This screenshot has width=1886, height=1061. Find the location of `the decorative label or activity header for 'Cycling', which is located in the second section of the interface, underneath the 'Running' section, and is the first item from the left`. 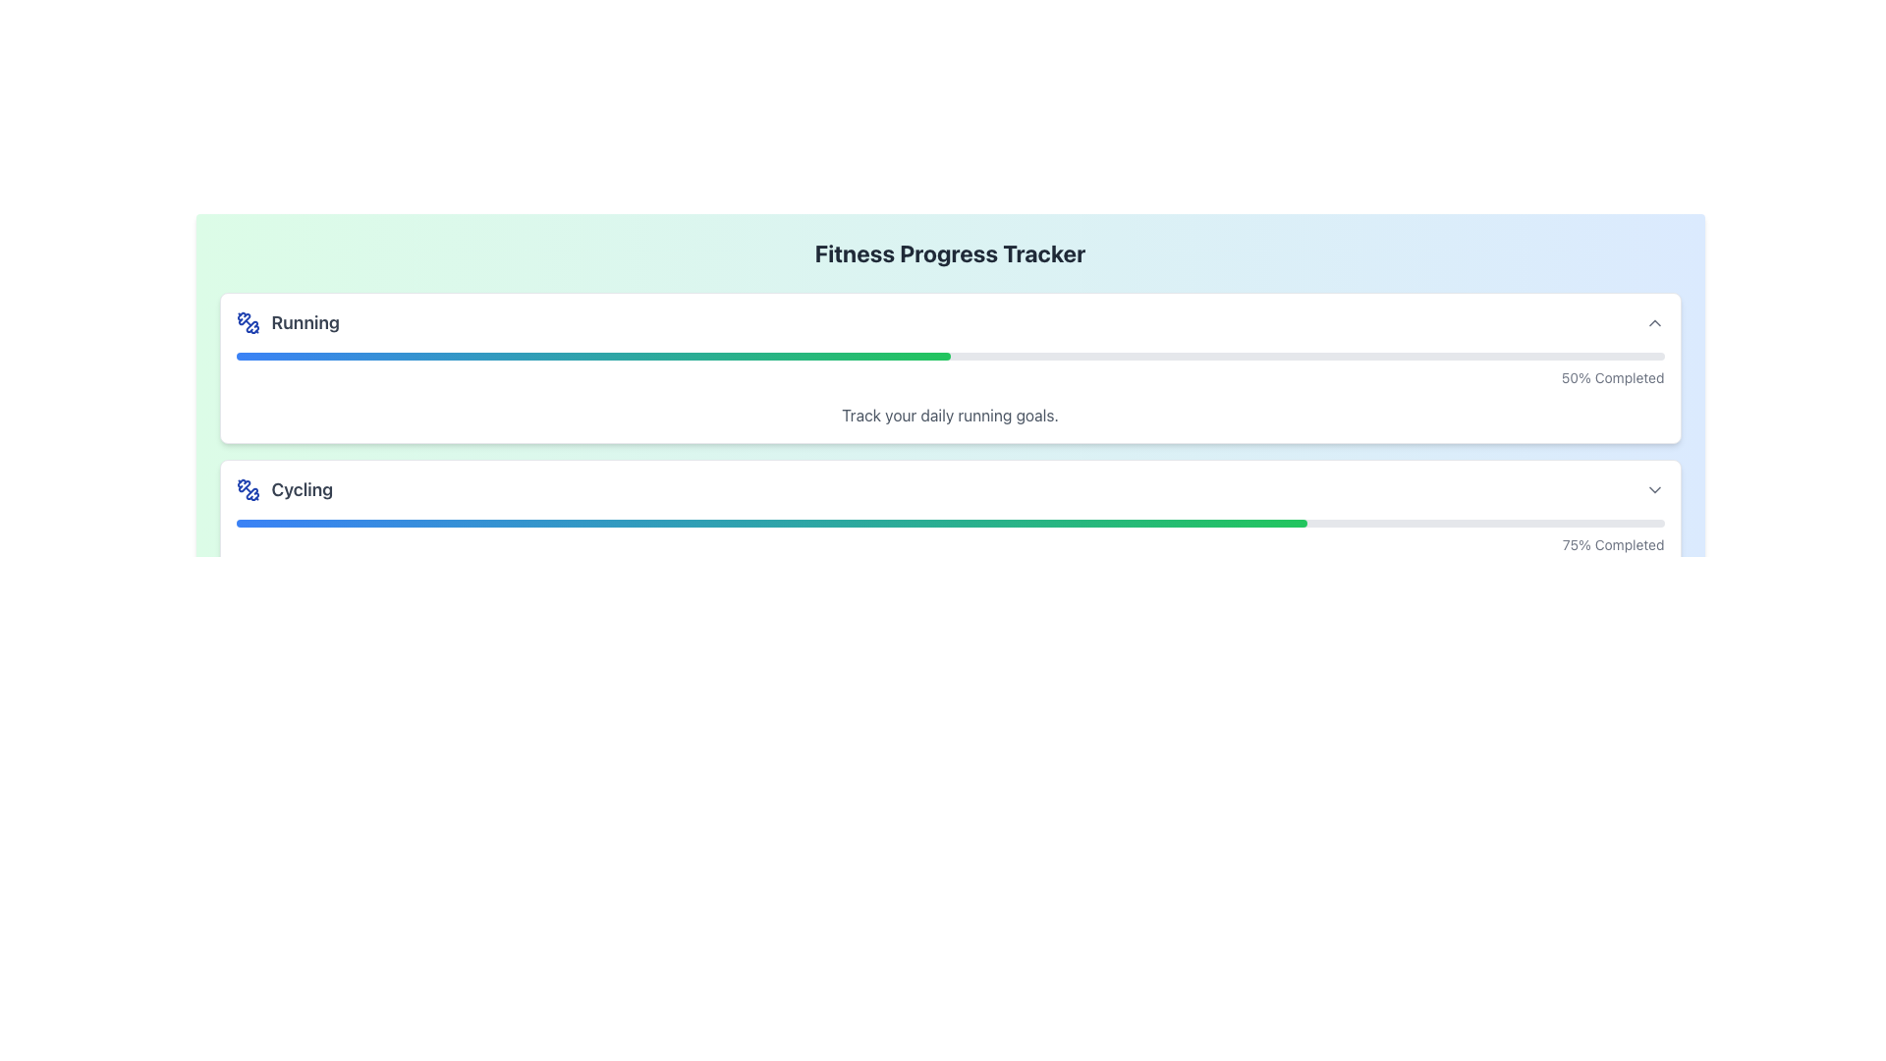

the decorative label or activity header for 'Cycling', which is located in the second section of the interface, underneath the 'Running' section, and is the first item from the left is located at coordinates (283, 488).